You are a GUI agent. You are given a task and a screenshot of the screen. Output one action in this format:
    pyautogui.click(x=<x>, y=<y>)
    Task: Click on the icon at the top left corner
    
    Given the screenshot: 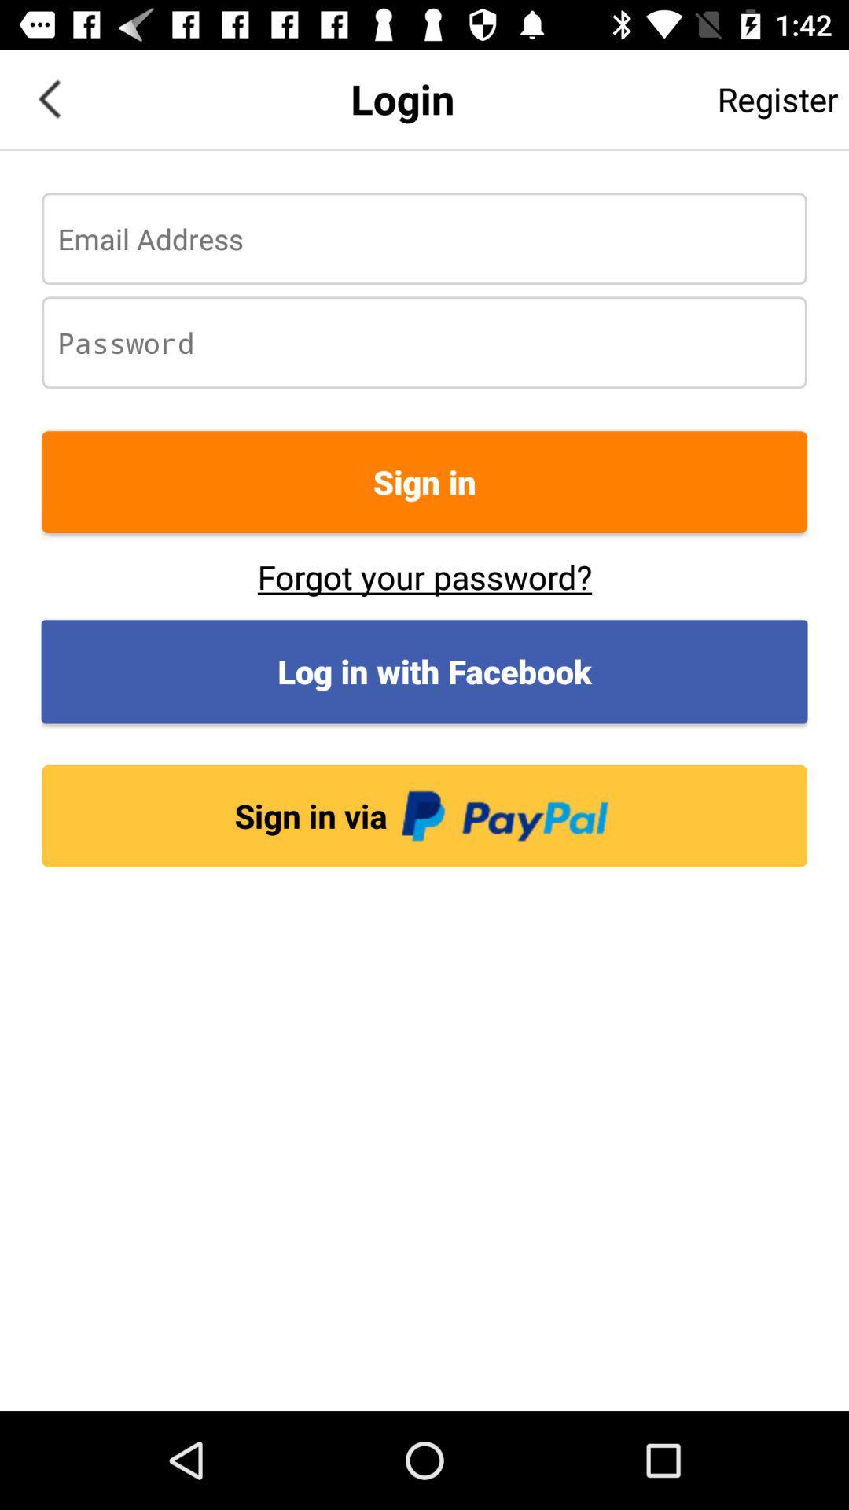 What is the action you would take?
    pyautogui.click(x=48, y=98)
    